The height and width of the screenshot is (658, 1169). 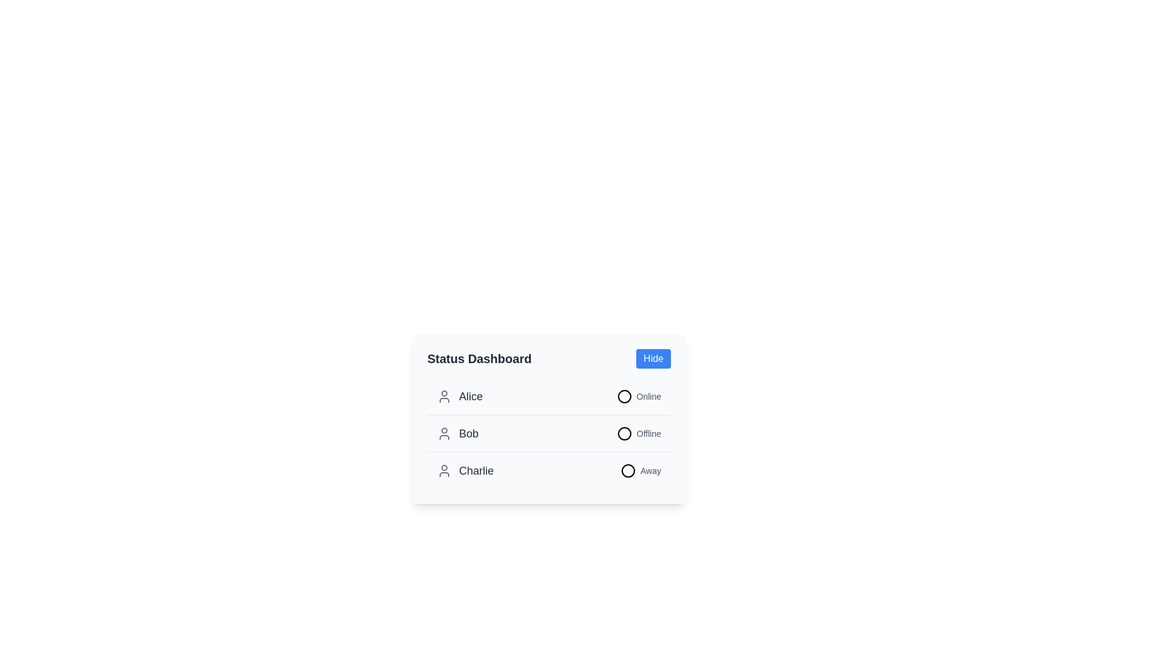 What do you see at coordinates (465, 470) in the screenshot?
I see `the list item displaying the user icon and the text 'Charlie', which is the third entry in the list and aligned to the left of the 'Away' status label` at bounding box center [465, 470].